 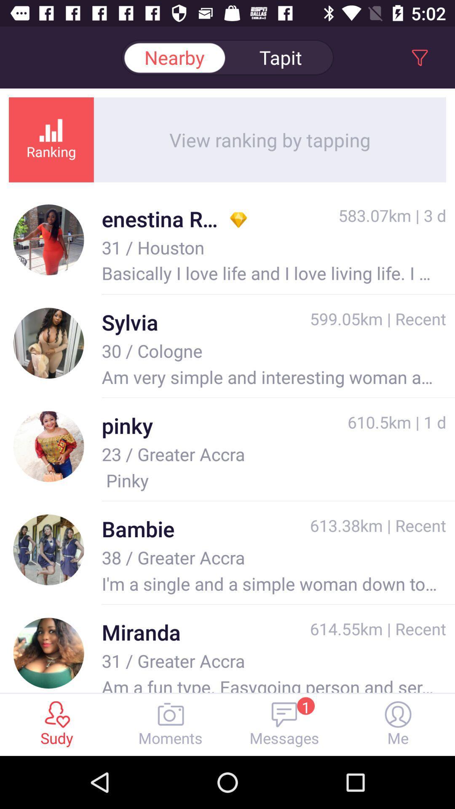 I want to click on the item to the right of nearby icon, so click(x=281, y=57).